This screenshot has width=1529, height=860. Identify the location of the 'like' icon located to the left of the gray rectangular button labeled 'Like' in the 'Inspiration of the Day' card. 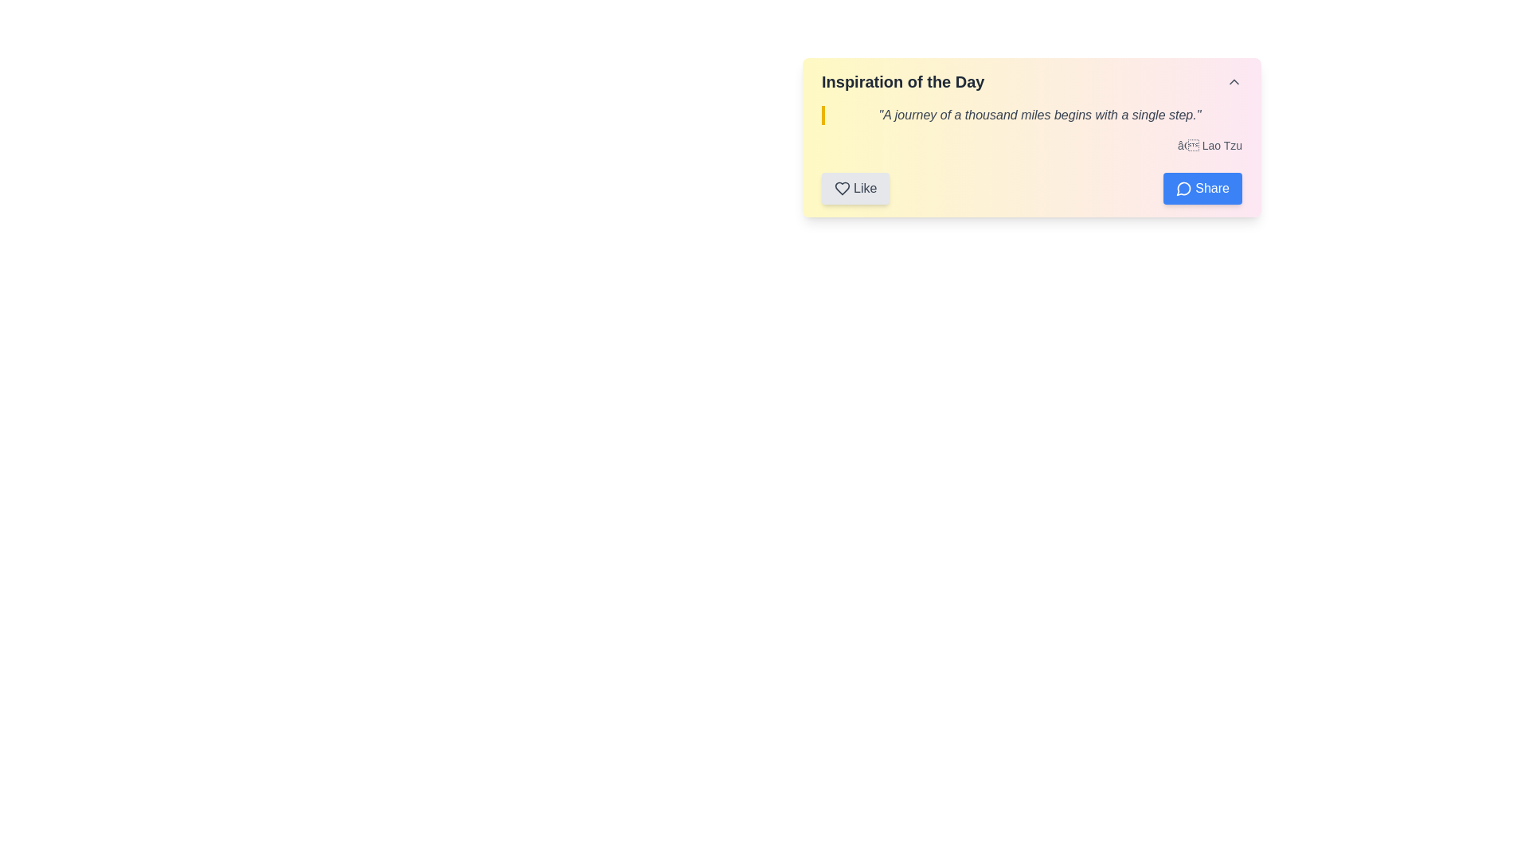
(841, 187).